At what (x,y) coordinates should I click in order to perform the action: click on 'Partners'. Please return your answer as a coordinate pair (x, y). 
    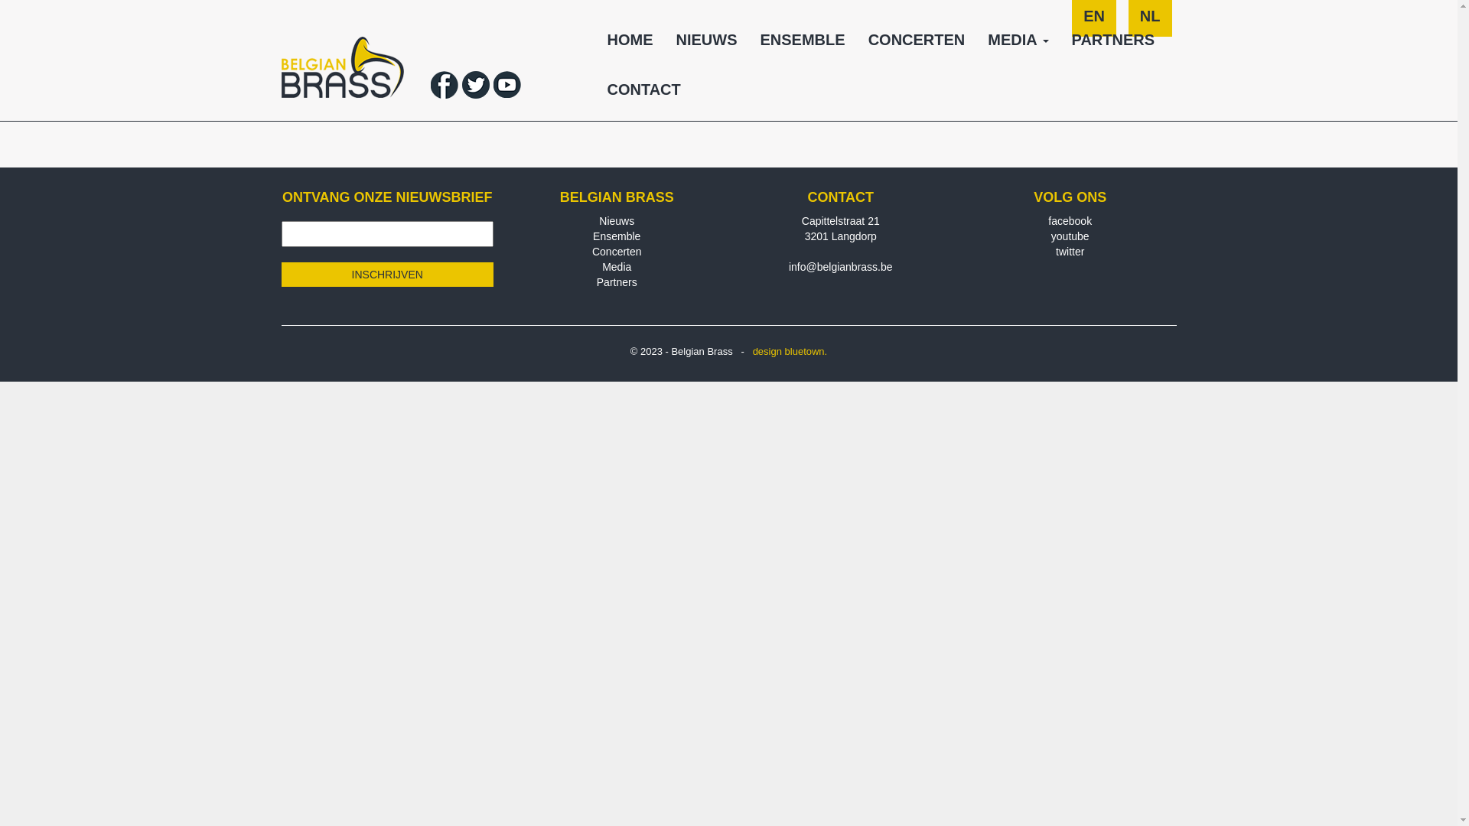
    Looking at the image, I should click on (617, 282).